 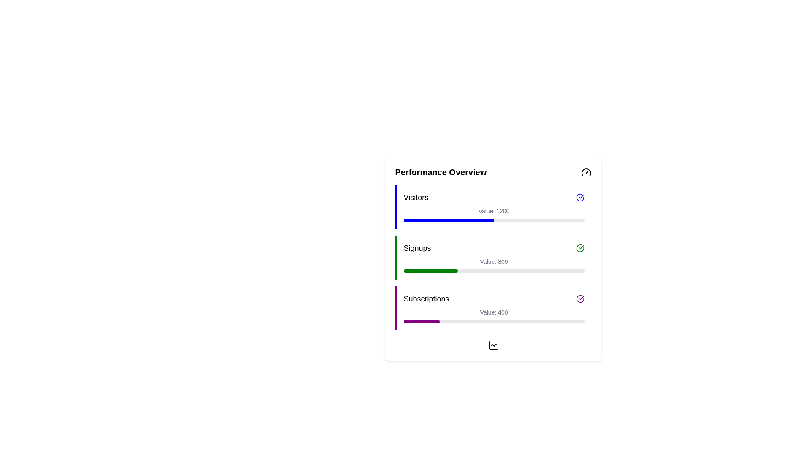 I want to click on the 'Signups' text in the Informational Card Component, so click(x=493, y=257).